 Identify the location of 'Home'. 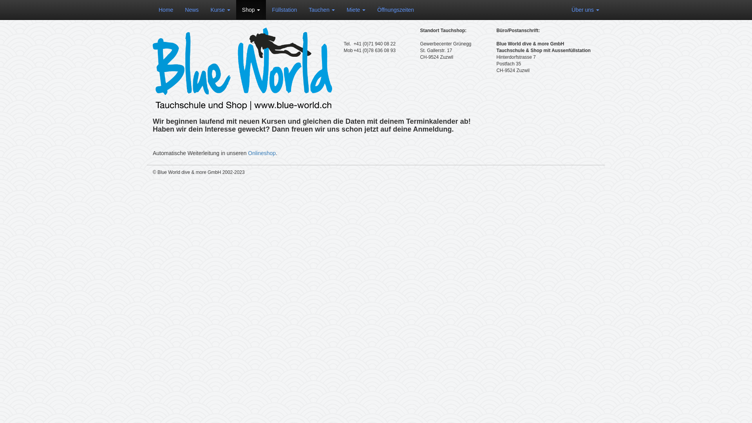
(165, 9).